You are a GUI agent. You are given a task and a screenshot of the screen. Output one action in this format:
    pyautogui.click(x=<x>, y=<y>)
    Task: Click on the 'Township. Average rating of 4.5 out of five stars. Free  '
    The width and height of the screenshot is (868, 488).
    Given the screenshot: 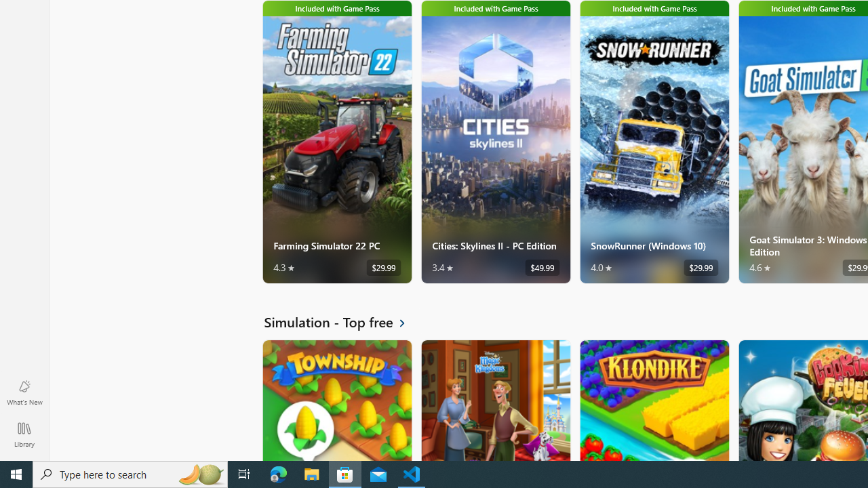 What is the action you would take?
    pyautogui.click(x=337, y=399)
    